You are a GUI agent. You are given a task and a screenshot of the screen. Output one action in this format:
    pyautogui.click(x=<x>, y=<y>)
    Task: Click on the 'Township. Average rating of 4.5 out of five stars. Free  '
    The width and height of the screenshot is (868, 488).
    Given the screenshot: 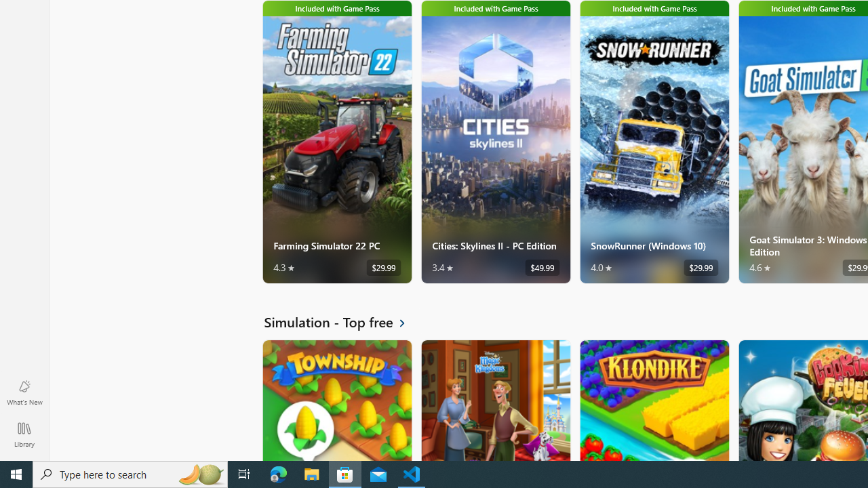 What is the action you would take?
    pyautogui.click(x=337, y=399)
    